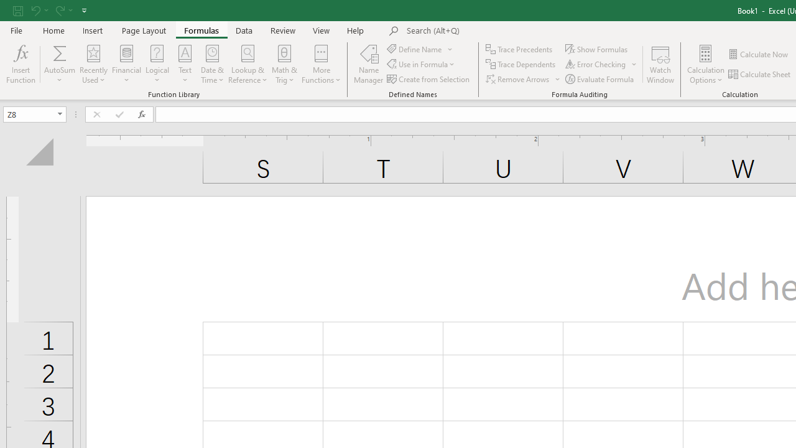  I want to click on 'Remove Arrows', so click(524, 79).